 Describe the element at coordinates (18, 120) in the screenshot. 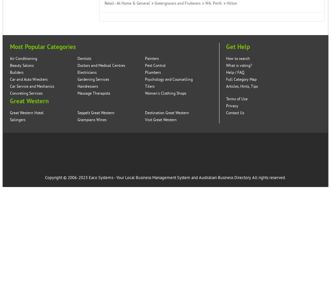

I see `'Salingers'` at that location.